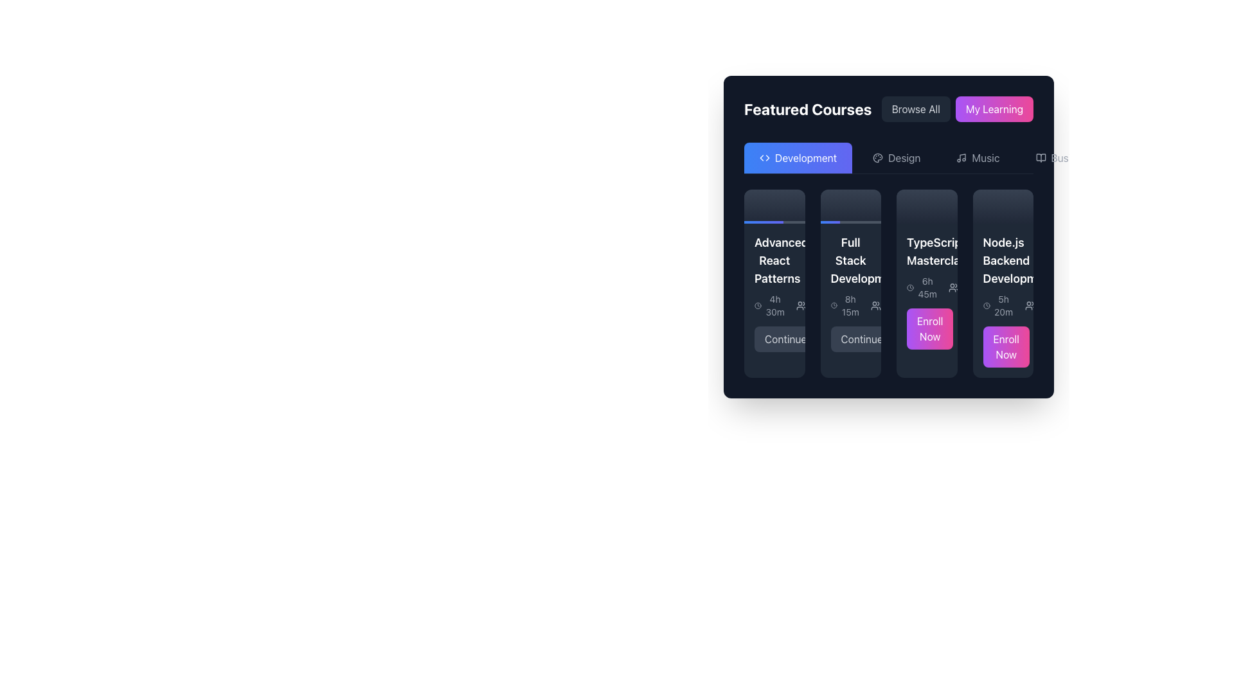 This screenshot has width=1234, height=694. What do you see at coordinates (1041, 157) in the screenshot?
I see `the small open book icon located to the left of the 'Business' text label in the top-right section of the interface` at bounding box center [1041, 157].